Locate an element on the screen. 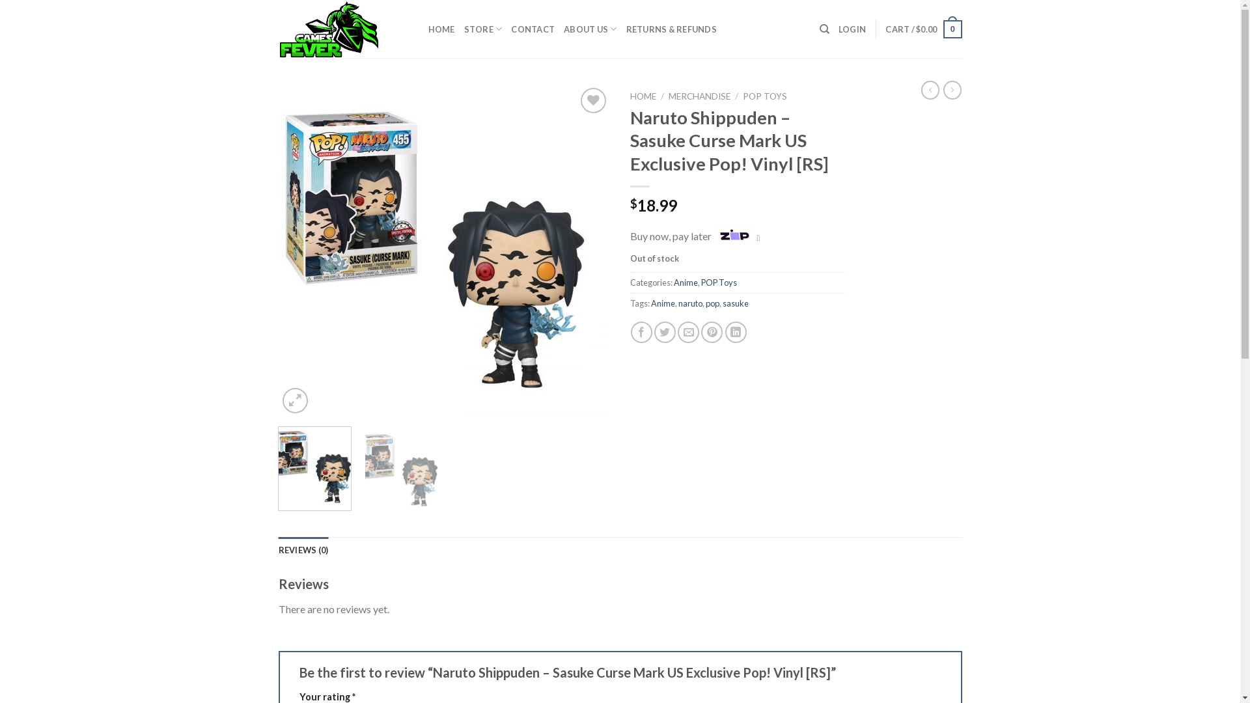 The height and width of the screenshot is (703, 1250). 'RETURNS & REFUNDS' is located at coordinates (671, 29).